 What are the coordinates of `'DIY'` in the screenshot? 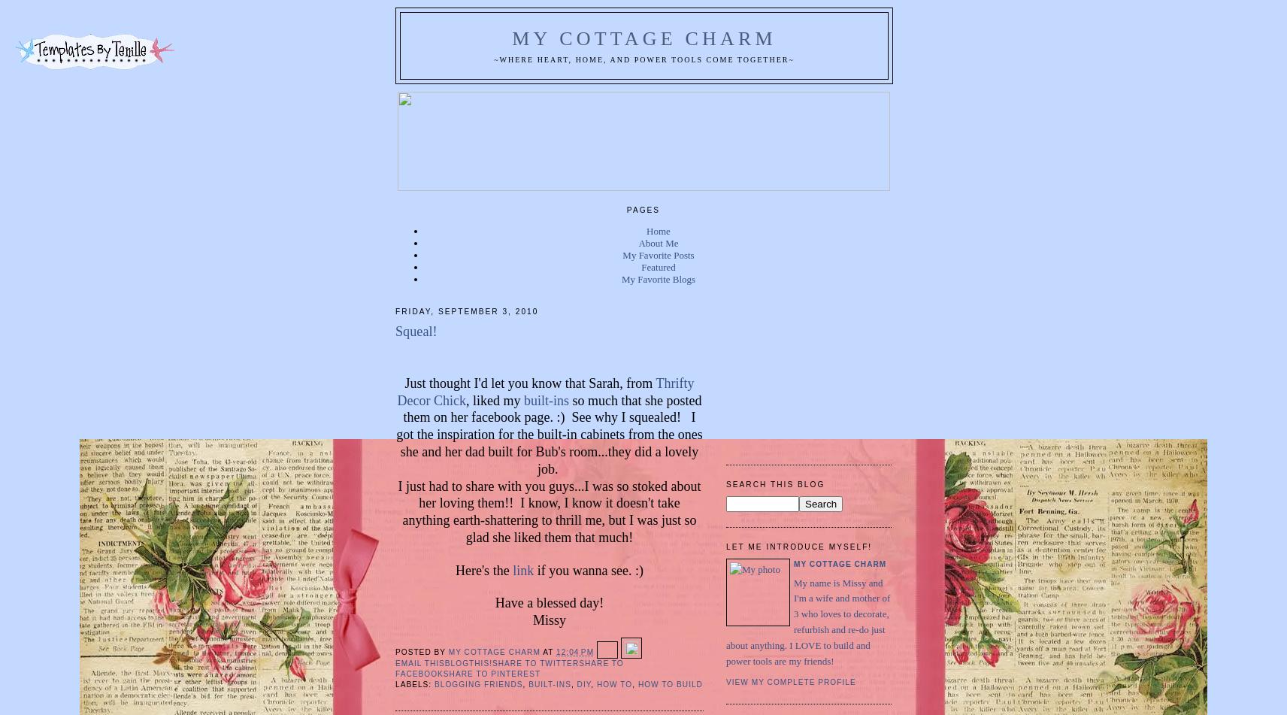 It's located at (583, 683).